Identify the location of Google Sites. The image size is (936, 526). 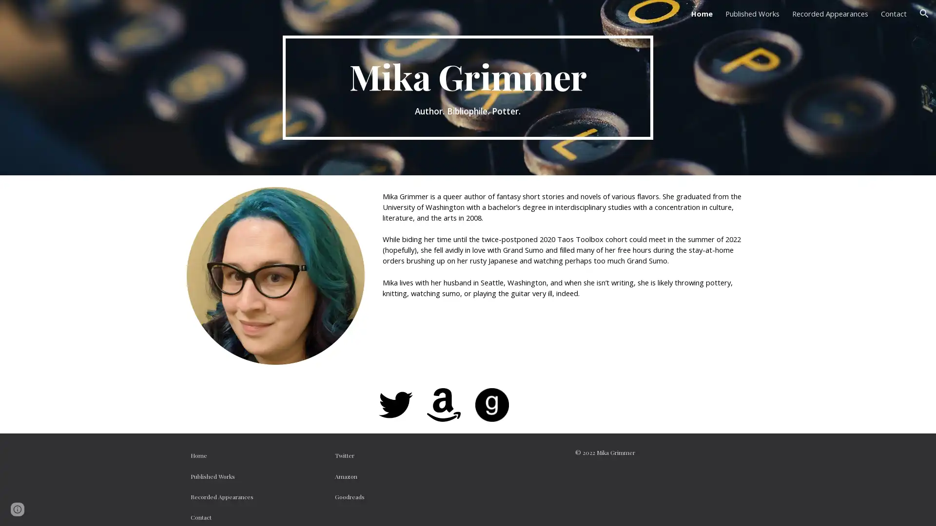
(47, 508).